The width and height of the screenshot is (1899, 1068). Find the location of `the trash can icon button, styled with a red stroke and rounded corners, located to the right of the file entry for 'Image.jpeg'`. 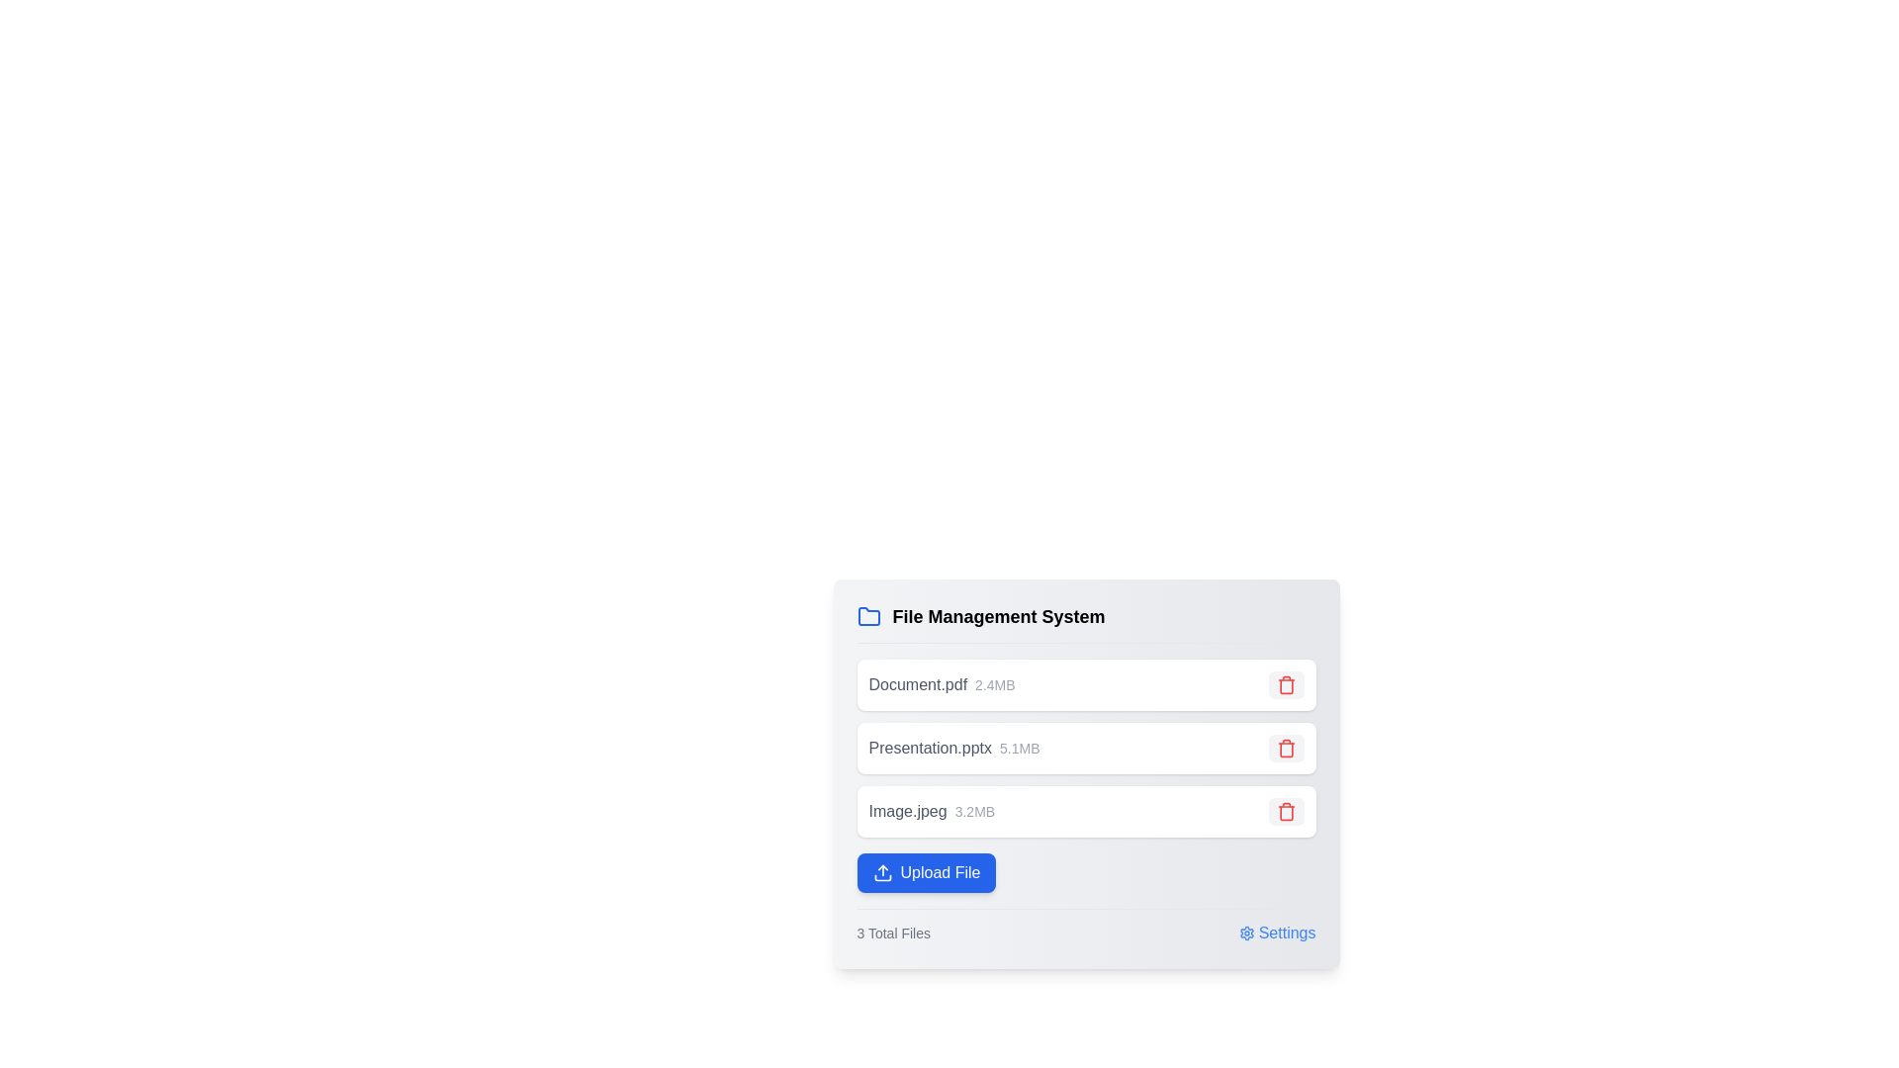

the trash can icon button, styled with a red stroke and rounded corners, located to the right of the file entry for 'Image.jpeg' is located at coordinates (1286, 812).